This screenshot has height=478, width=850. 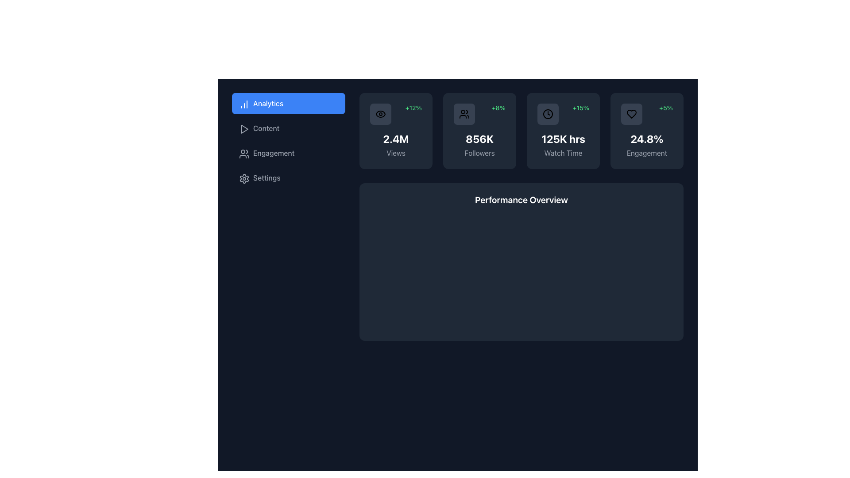 What do you see at coordinates (498, 107) in the screenshot?
I see `the Label that represents the percentage increase related to 'Followers' in the second card of the top row in the dashboard layout` at bounding box center [498, 107].